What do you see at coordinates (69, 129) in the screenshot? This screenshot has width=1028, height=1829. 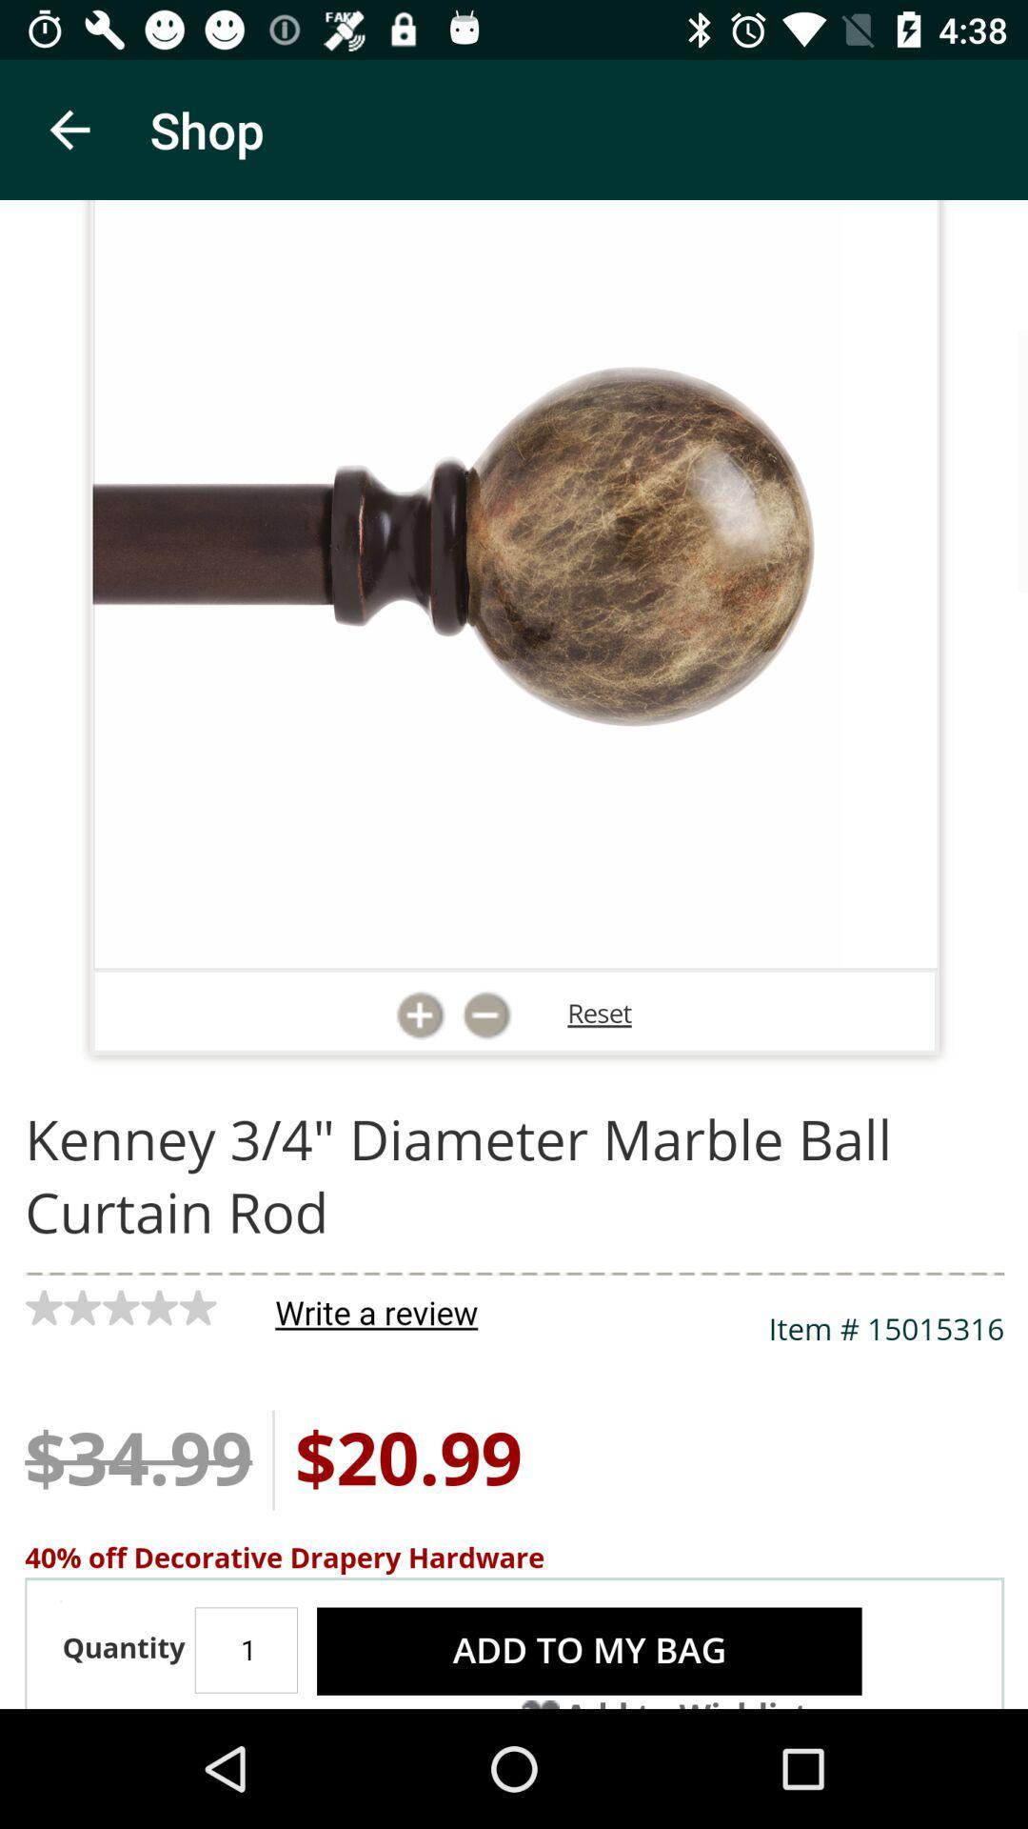 I see `go back` at bounding box center [69, 129].